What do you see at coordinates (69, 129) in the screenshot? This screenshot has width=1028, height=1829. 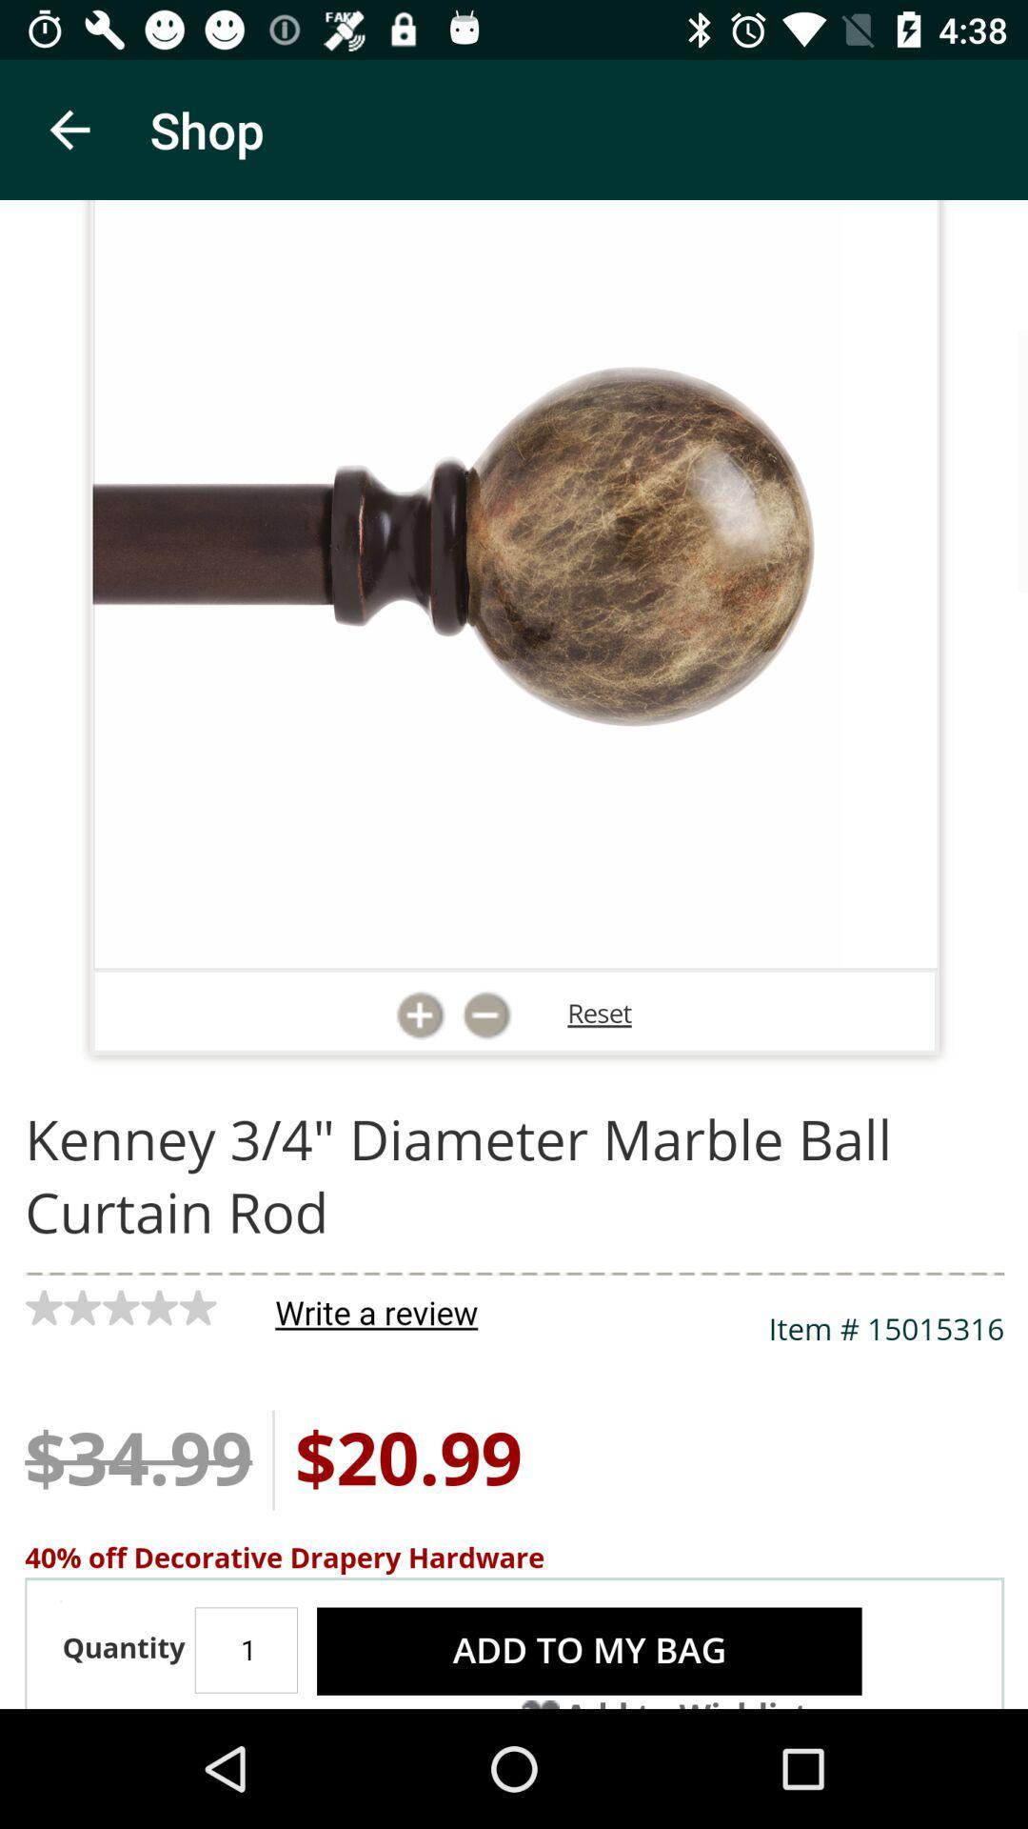 I see `go back` at bounding box center [69, 129].